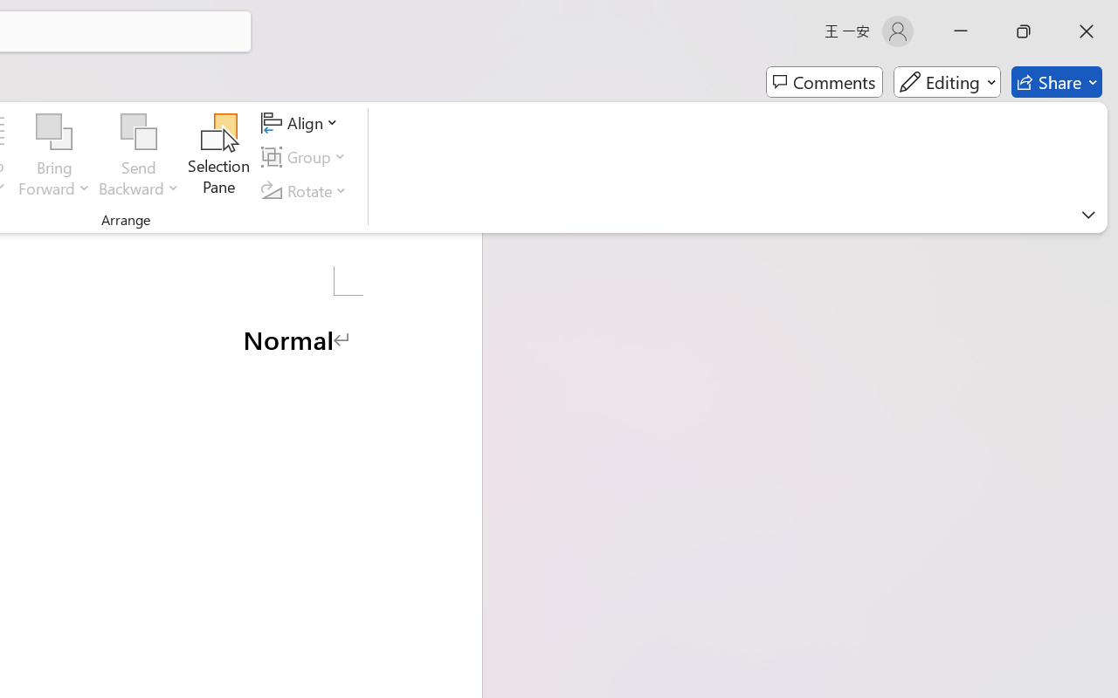 Image resolution: width=1118 pixels, height=698 pixels. Describe the element at coordinates (302, 123) in the screenshot. I see `'Align'` at that location.